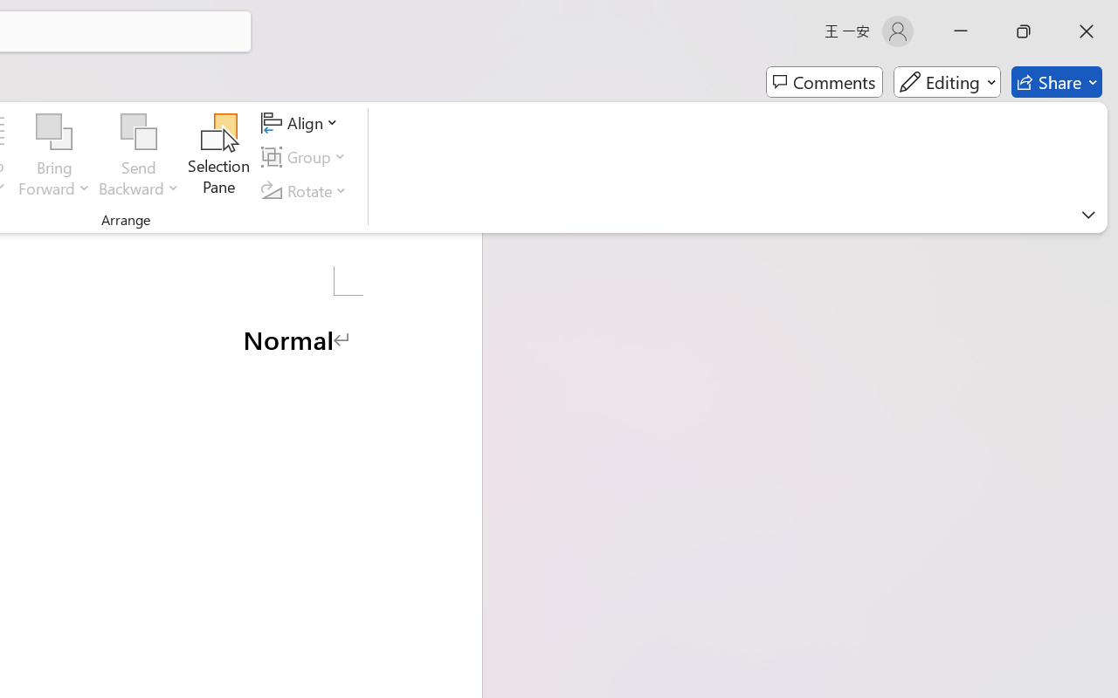 Image resolution: width=1118 pixels, height=698 pixels. Describe the element at coordinates (302, 123) in the screenshot. I see `'Align'` at that location.